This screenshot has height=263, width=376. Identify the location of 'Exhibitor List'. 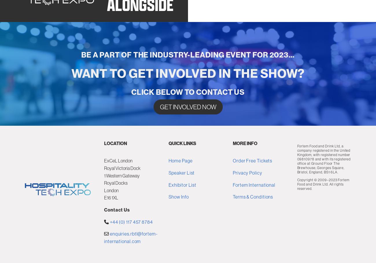
(168, 222).